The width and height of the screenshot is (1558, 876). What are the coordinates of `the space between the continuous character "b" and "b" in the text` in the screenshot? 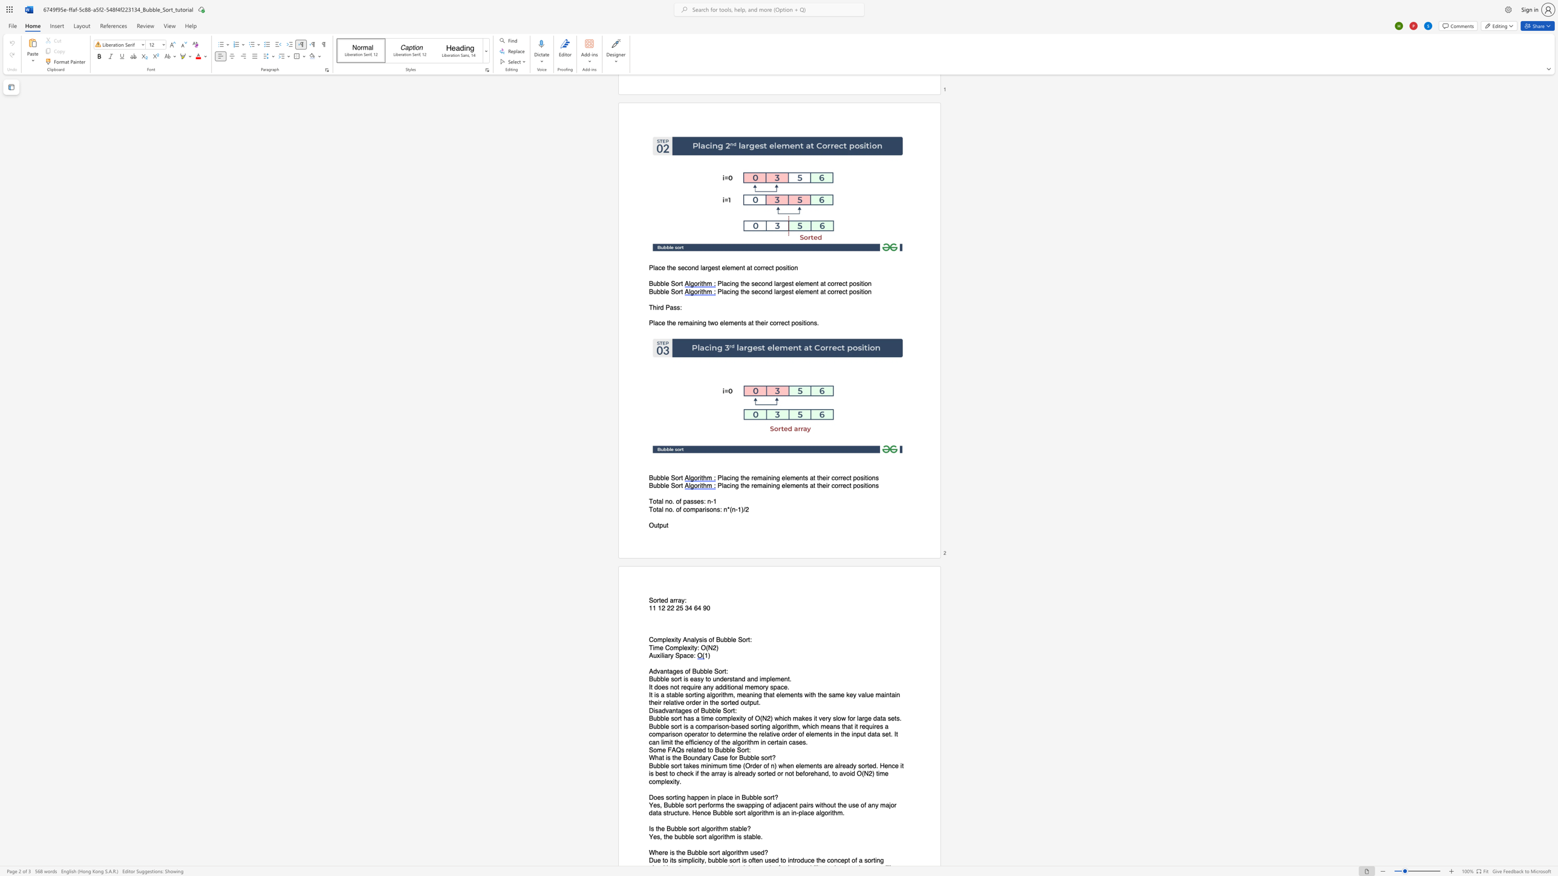 It's located at (660, 726).